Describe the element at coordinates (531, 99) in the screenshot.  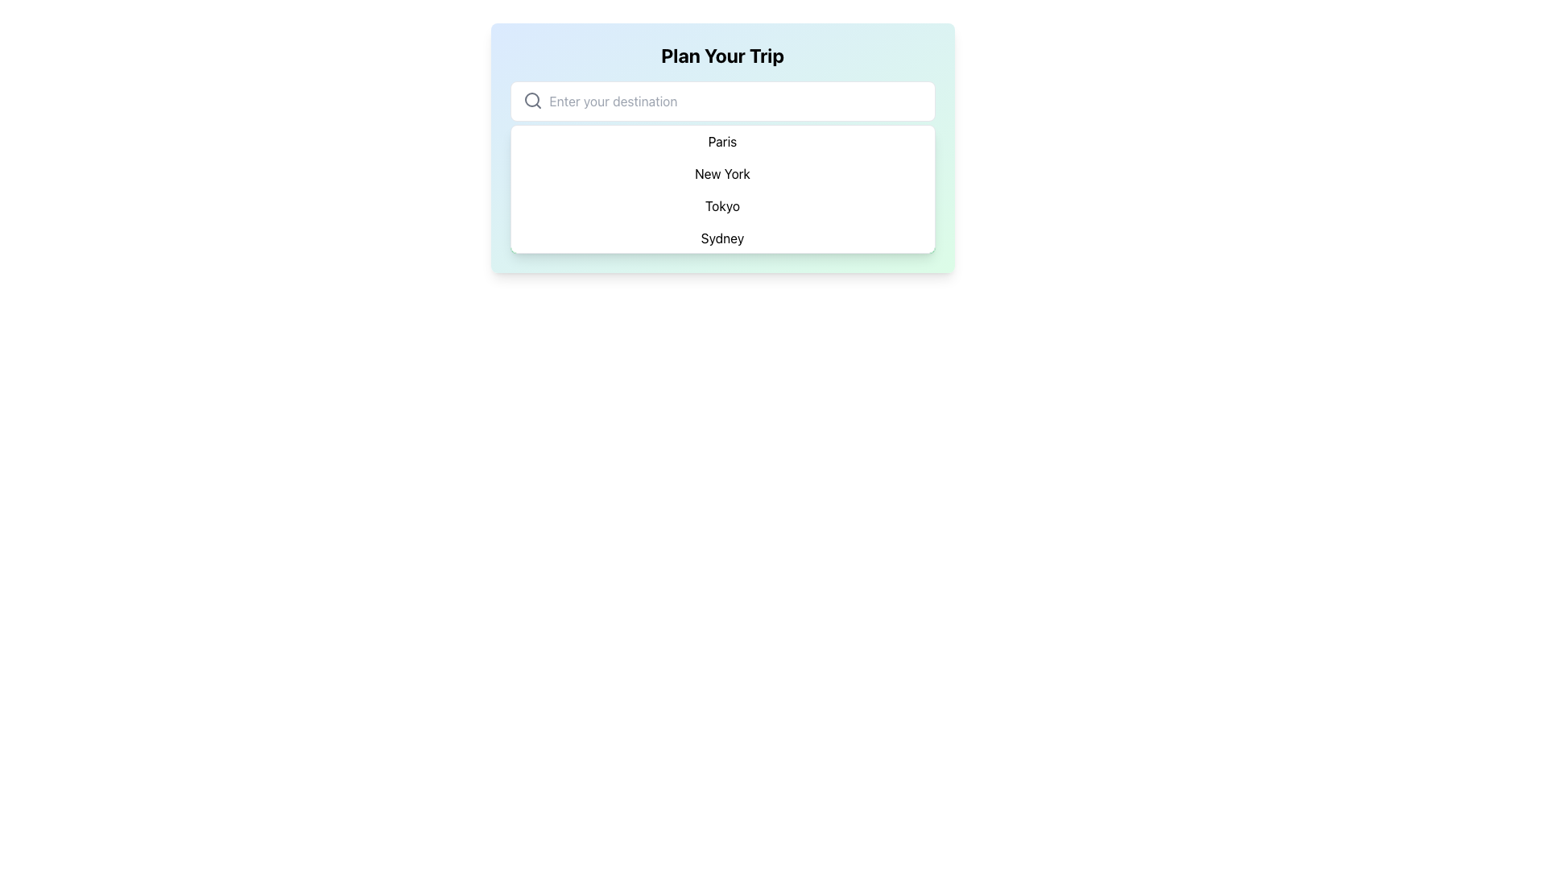
I see `the inner small circle of the search magnifying glass icon located to the left inside the search bar at the top of the interface` at that location.